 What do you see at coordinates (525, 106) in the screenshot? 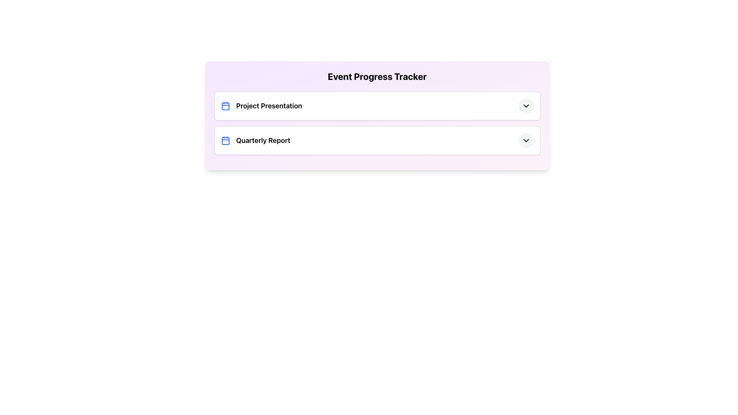
I see `the downward-pointing chevron icon button located on the right side of the 'Project Presentation' entry` at bounding box center [525, 106].